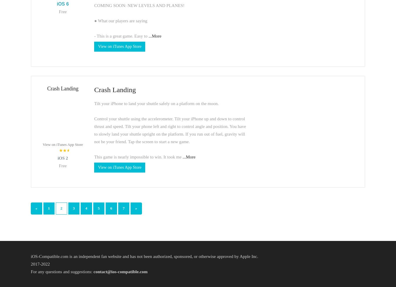 The image size is (396, 287). What do you see at coordinates (60, 208) in the screenshot?
I see `'2'` at bounding box center [60, 208].